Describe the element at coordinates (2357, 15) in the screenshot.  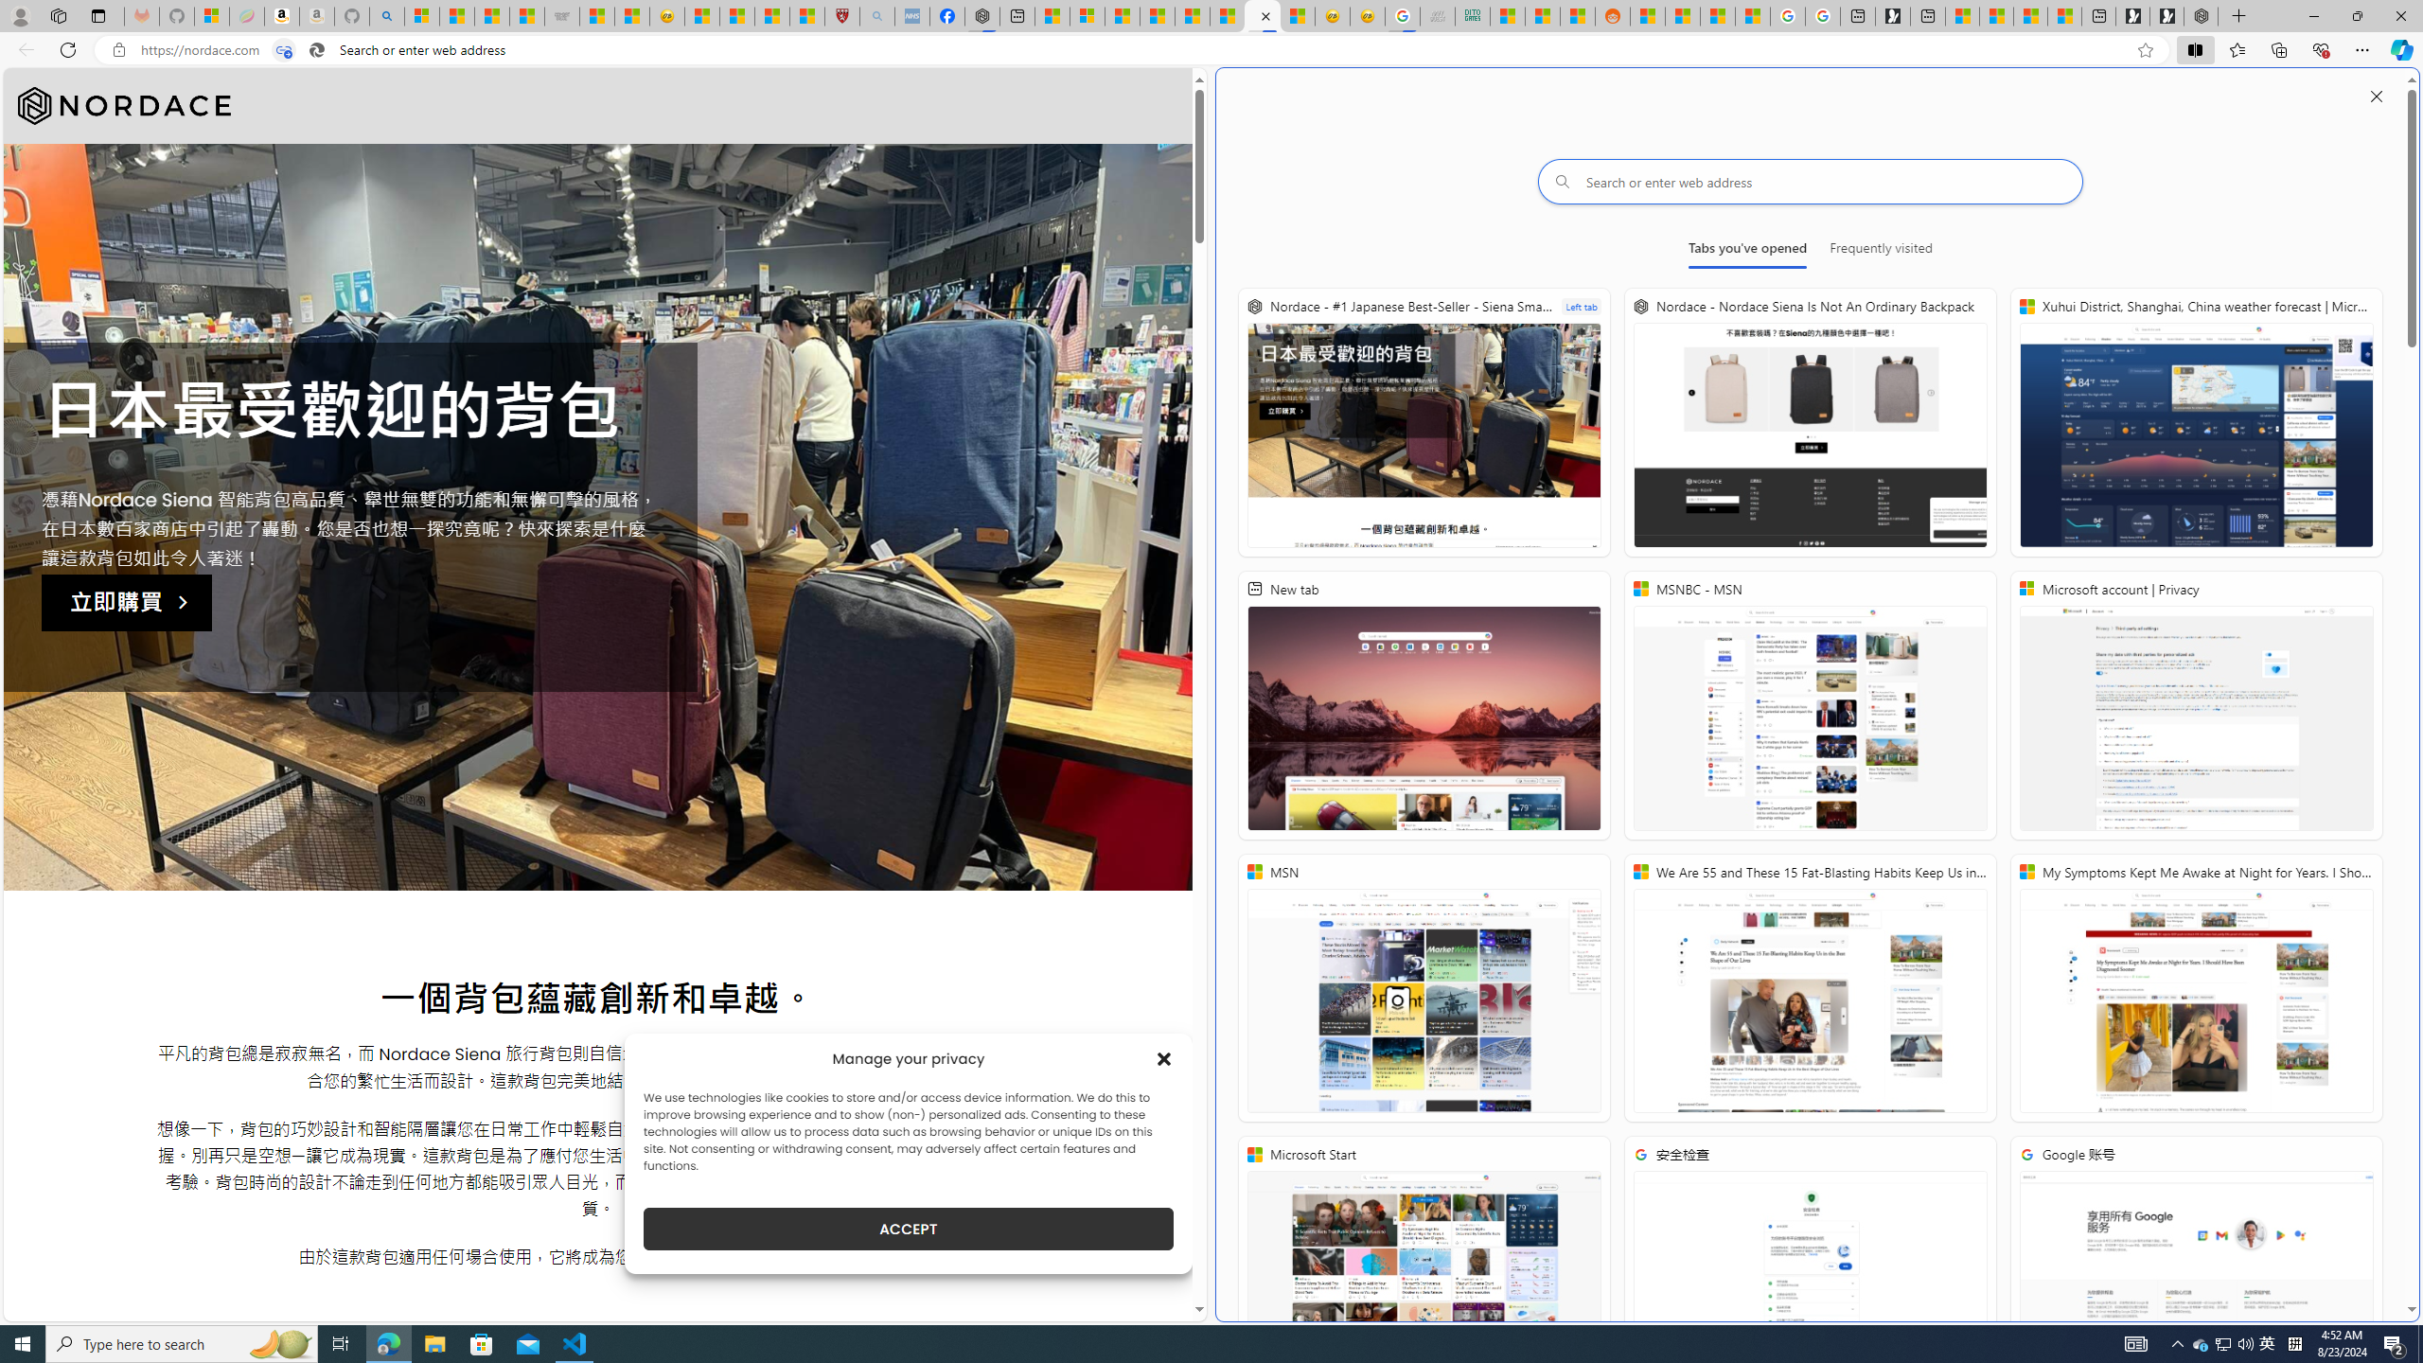
I see `'Restore'` at that location.